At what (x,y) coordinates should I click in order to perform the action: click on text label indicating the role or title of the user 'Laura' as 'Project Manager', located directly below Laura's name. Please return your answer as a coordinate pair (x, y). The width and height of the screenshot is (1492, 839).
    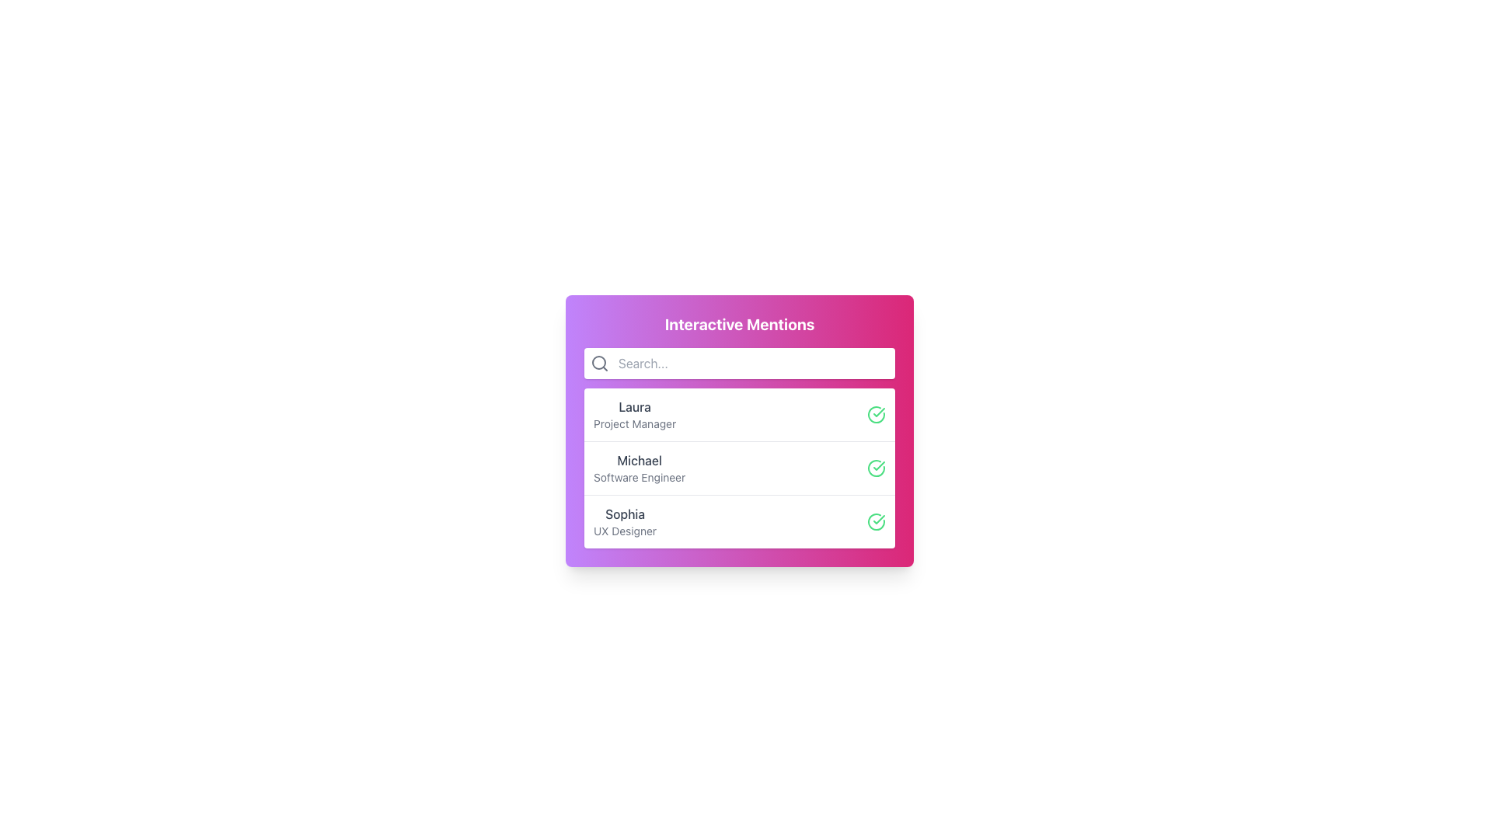
    Looking at the image, I should click on (635, 424).